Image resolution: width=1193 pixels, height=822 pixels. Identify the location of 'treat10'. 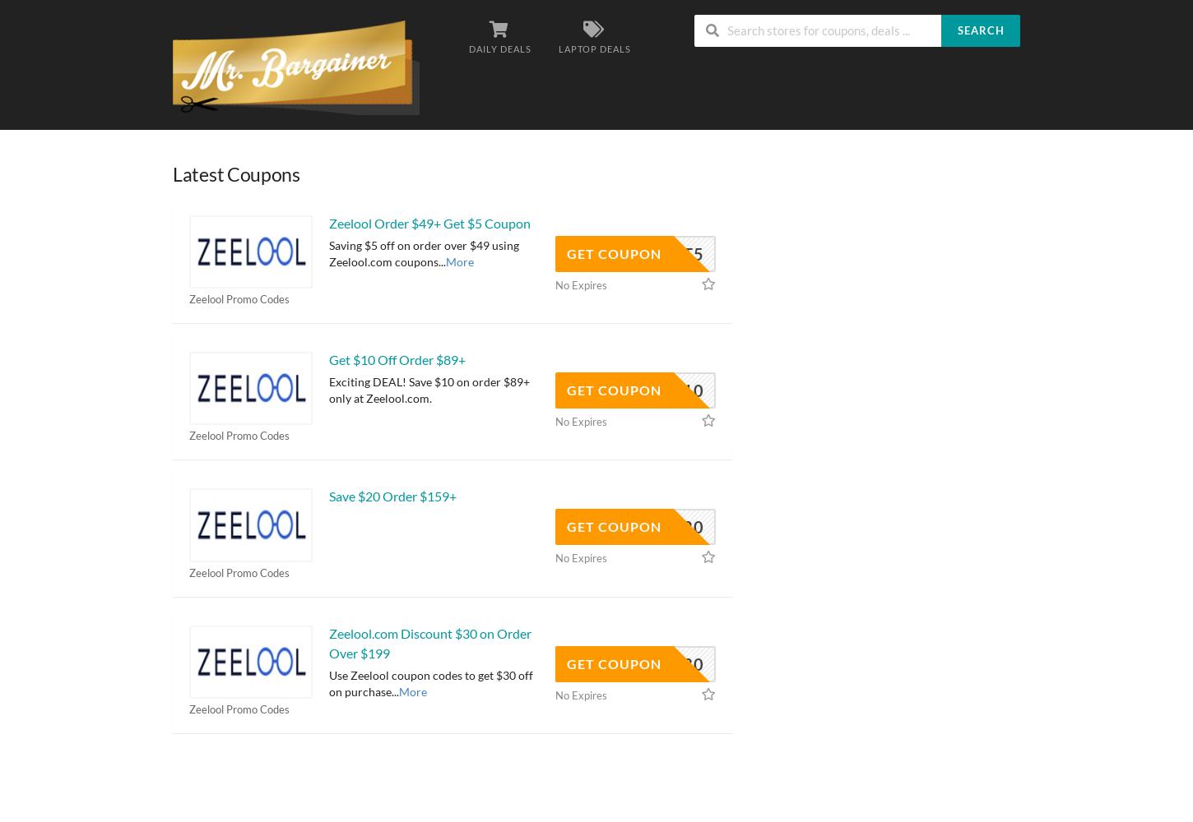
(666, 389).